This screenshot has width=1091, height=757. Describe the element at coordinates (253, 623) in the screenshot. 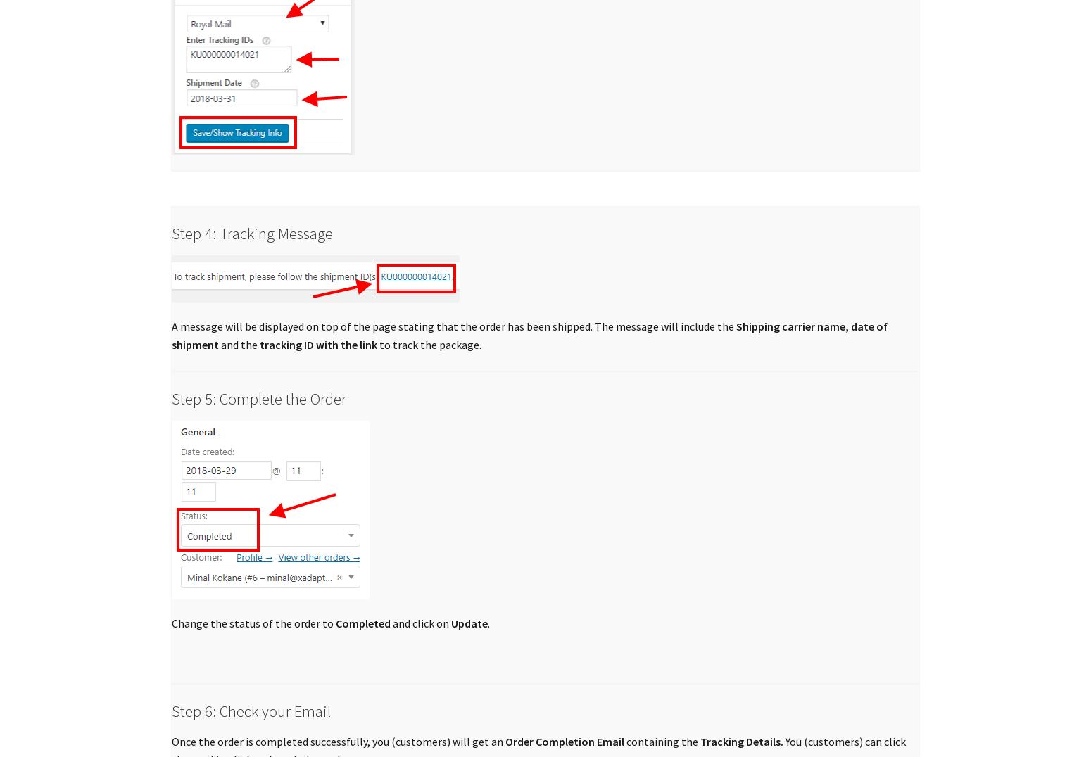

I see `'Change the status of the order to'` at that location.